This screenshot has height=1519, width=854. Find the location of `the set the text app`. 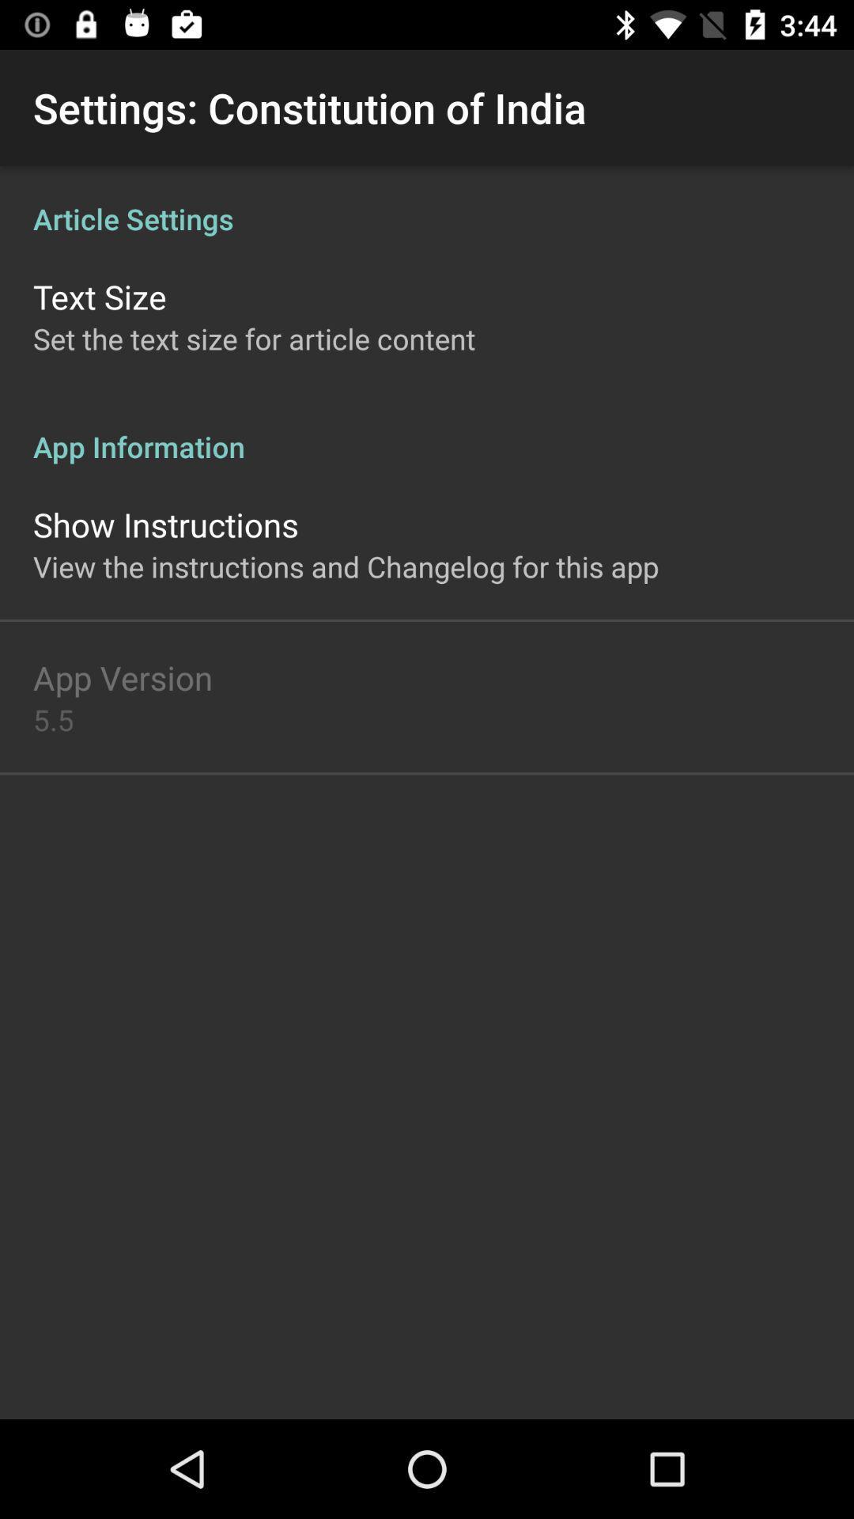

the set the text app is located at coordinates (253, 338).